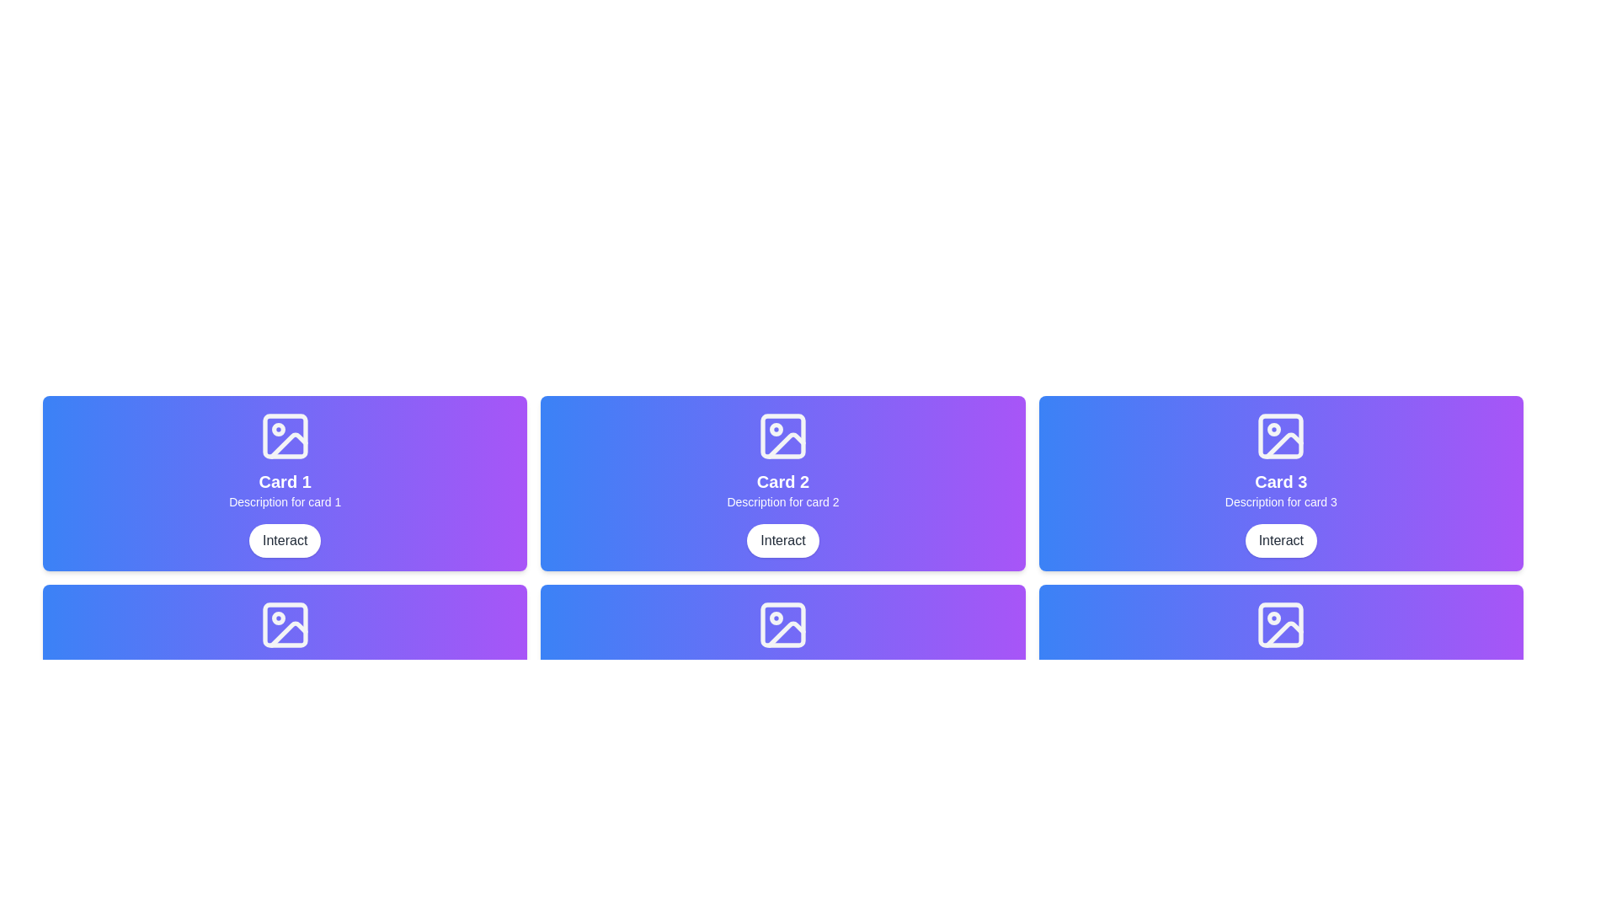 The image size is (1617, 910). Describe the element at coordinates (782, 435) in the screenshot. I see `the square-shaped icon component that resembles an image symbol, located in Card 2, above the text 'Card 2' and aligned with the 'Interact' button` at that location.